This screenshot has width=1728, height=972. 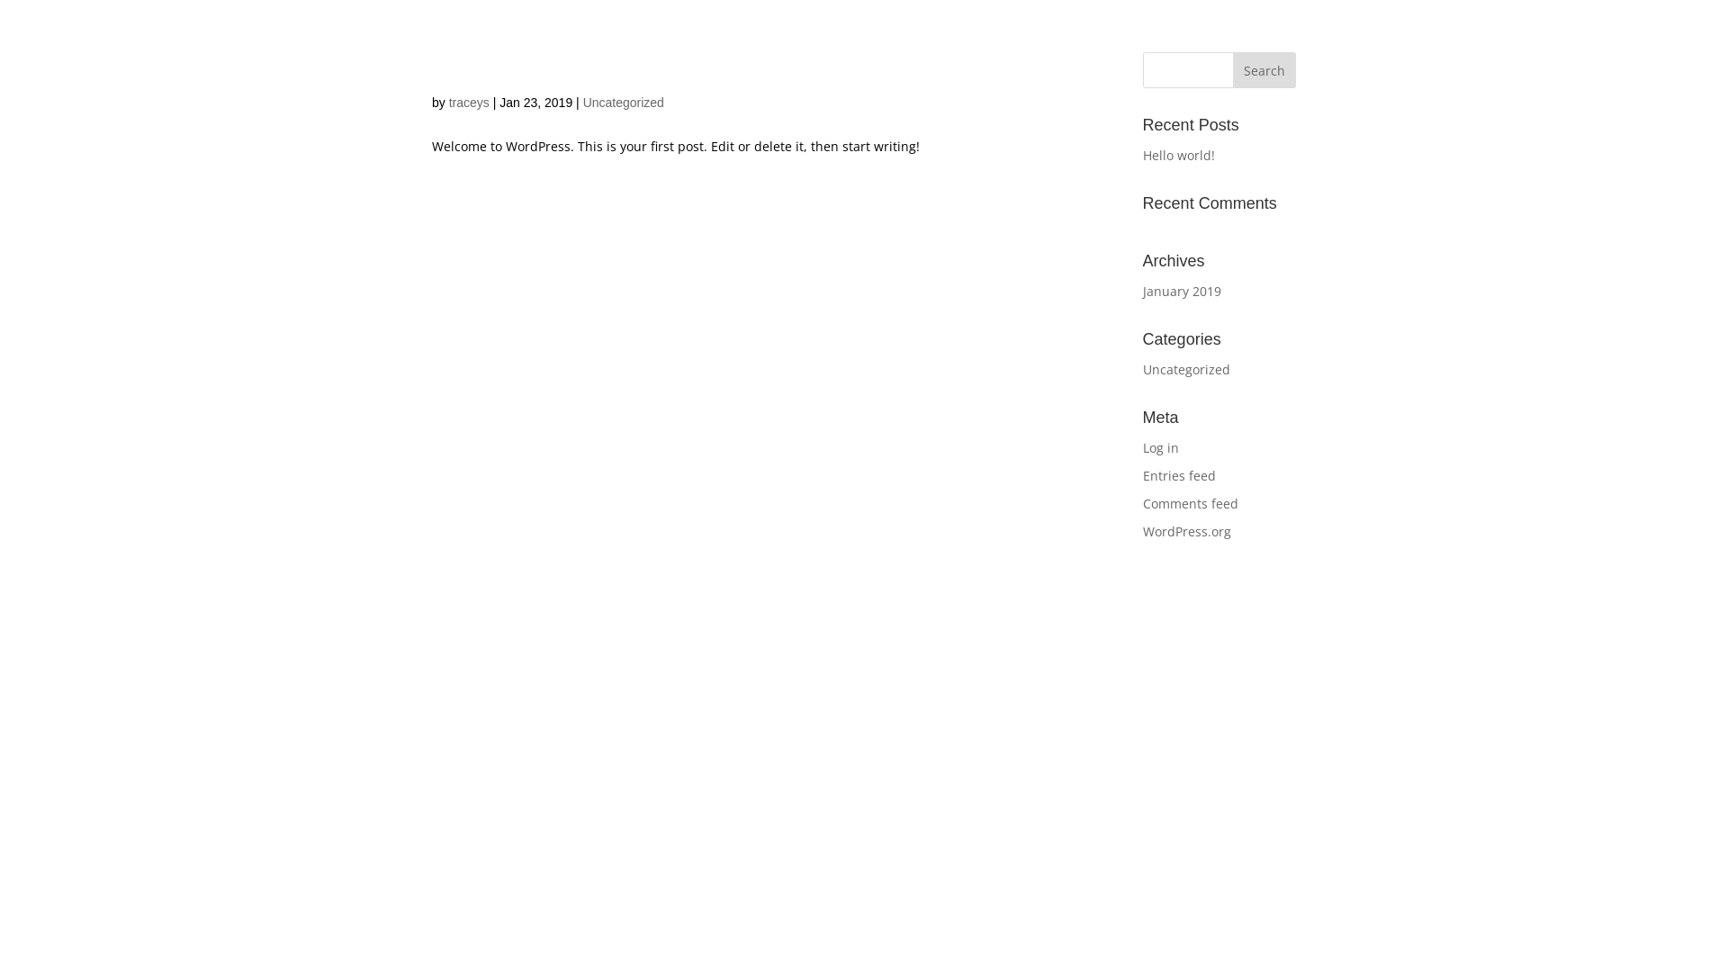 What do you see at coordinates (1142, 154) in the screenshot?
I see `'Hello world!'` at bounding box center [1142, 154].